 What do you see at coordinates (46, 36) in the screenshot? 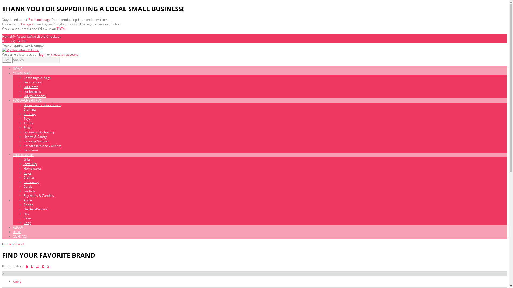
I see `'Checkout'` at bounding box center [46, 36].